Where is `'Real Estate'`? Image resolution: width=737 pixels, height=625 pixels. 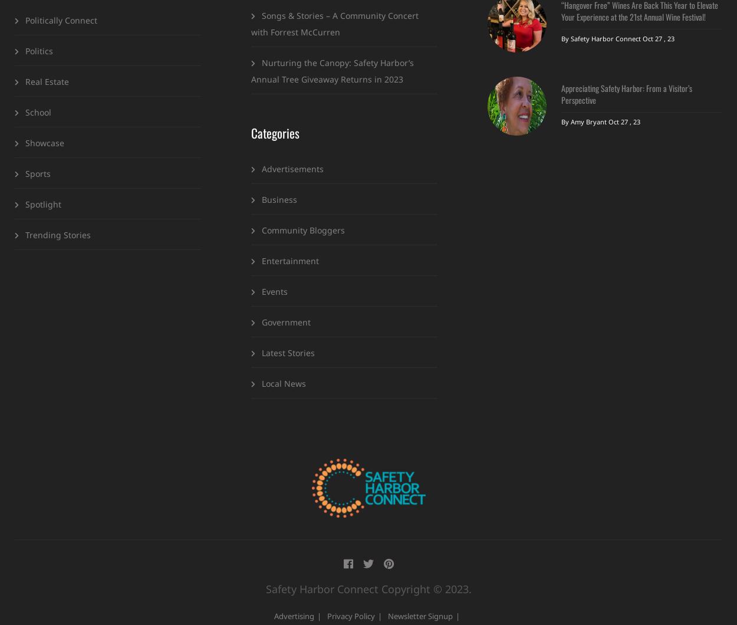
'Real Estate' is located at coordinates (47, 81).